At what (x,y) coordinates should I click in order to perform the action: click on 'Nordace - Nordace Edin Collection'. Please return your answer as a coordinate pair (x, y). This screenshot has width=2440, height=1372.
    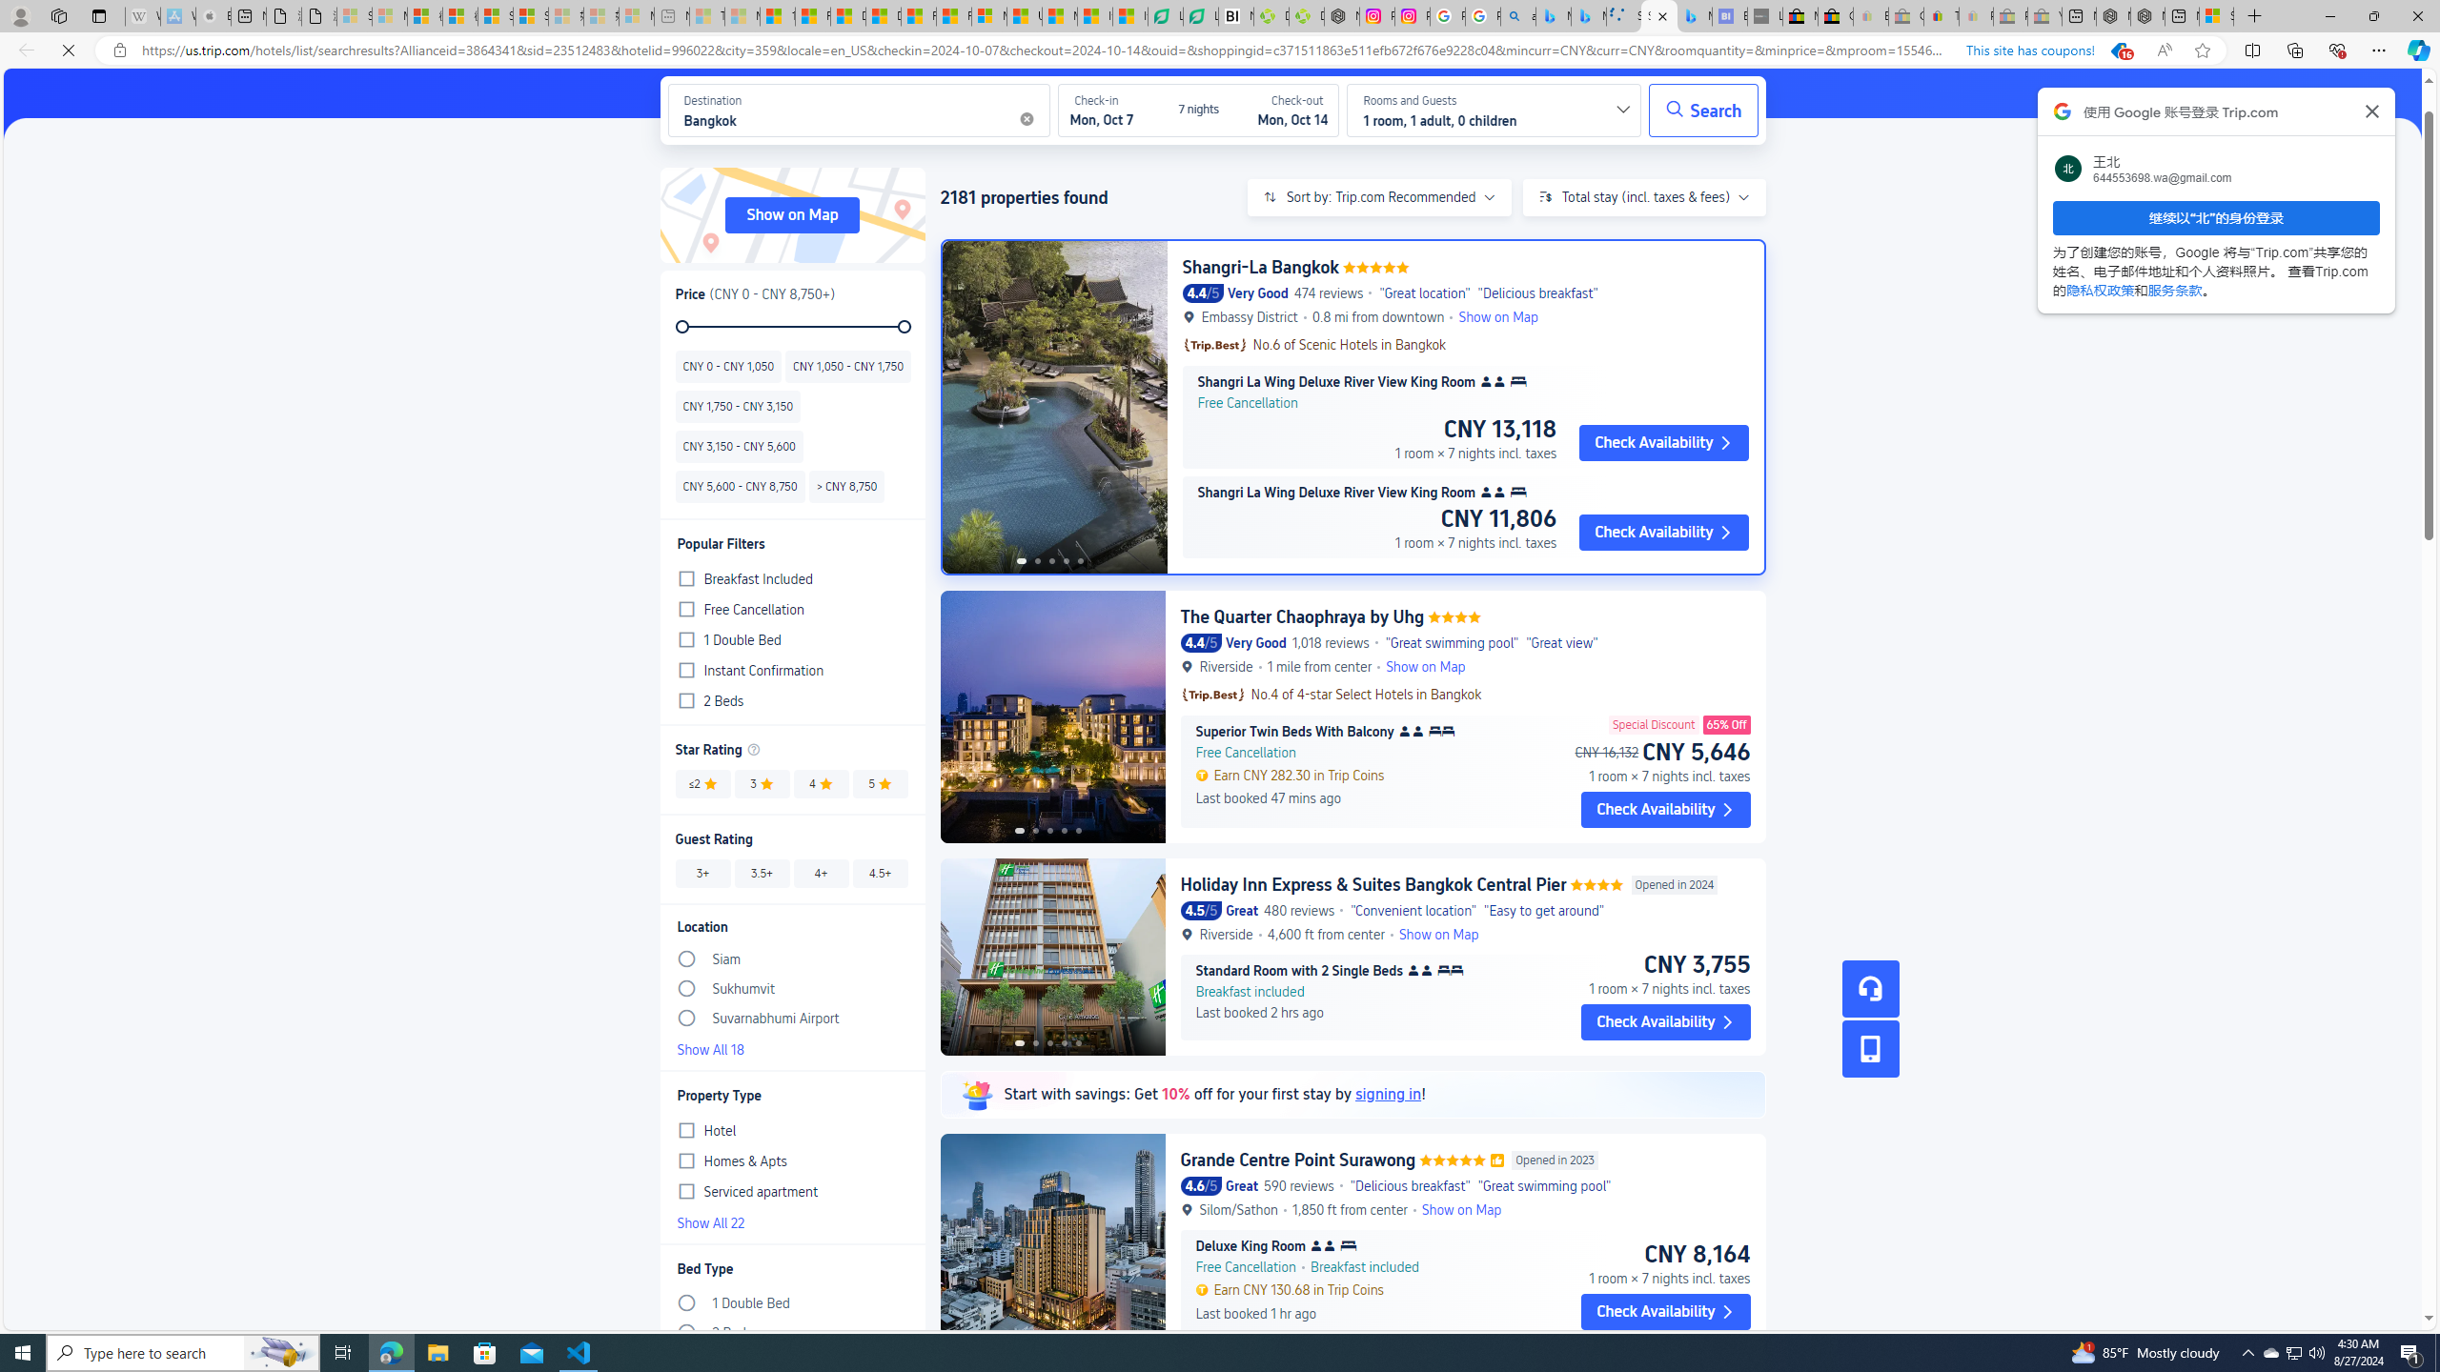
    Looking at the image, I should click on (1341, 15).